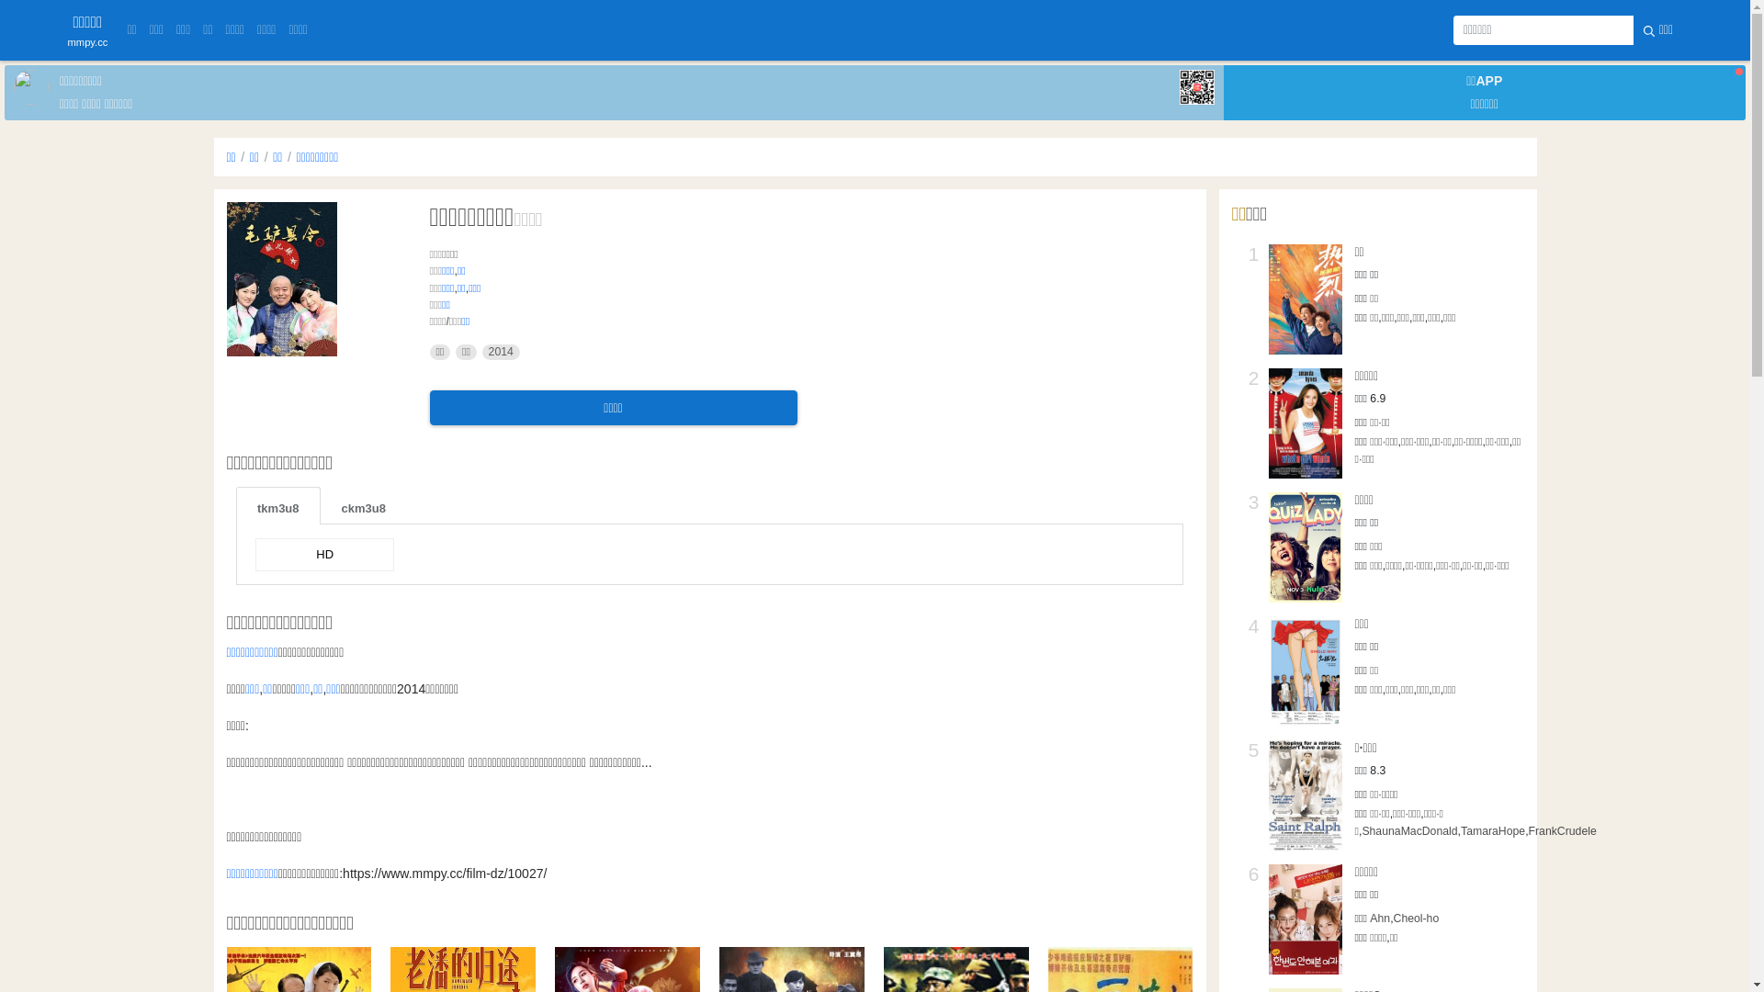  Describe the element at coordinates (324, 554) in the screenshot. I see `'HD'` at that location.